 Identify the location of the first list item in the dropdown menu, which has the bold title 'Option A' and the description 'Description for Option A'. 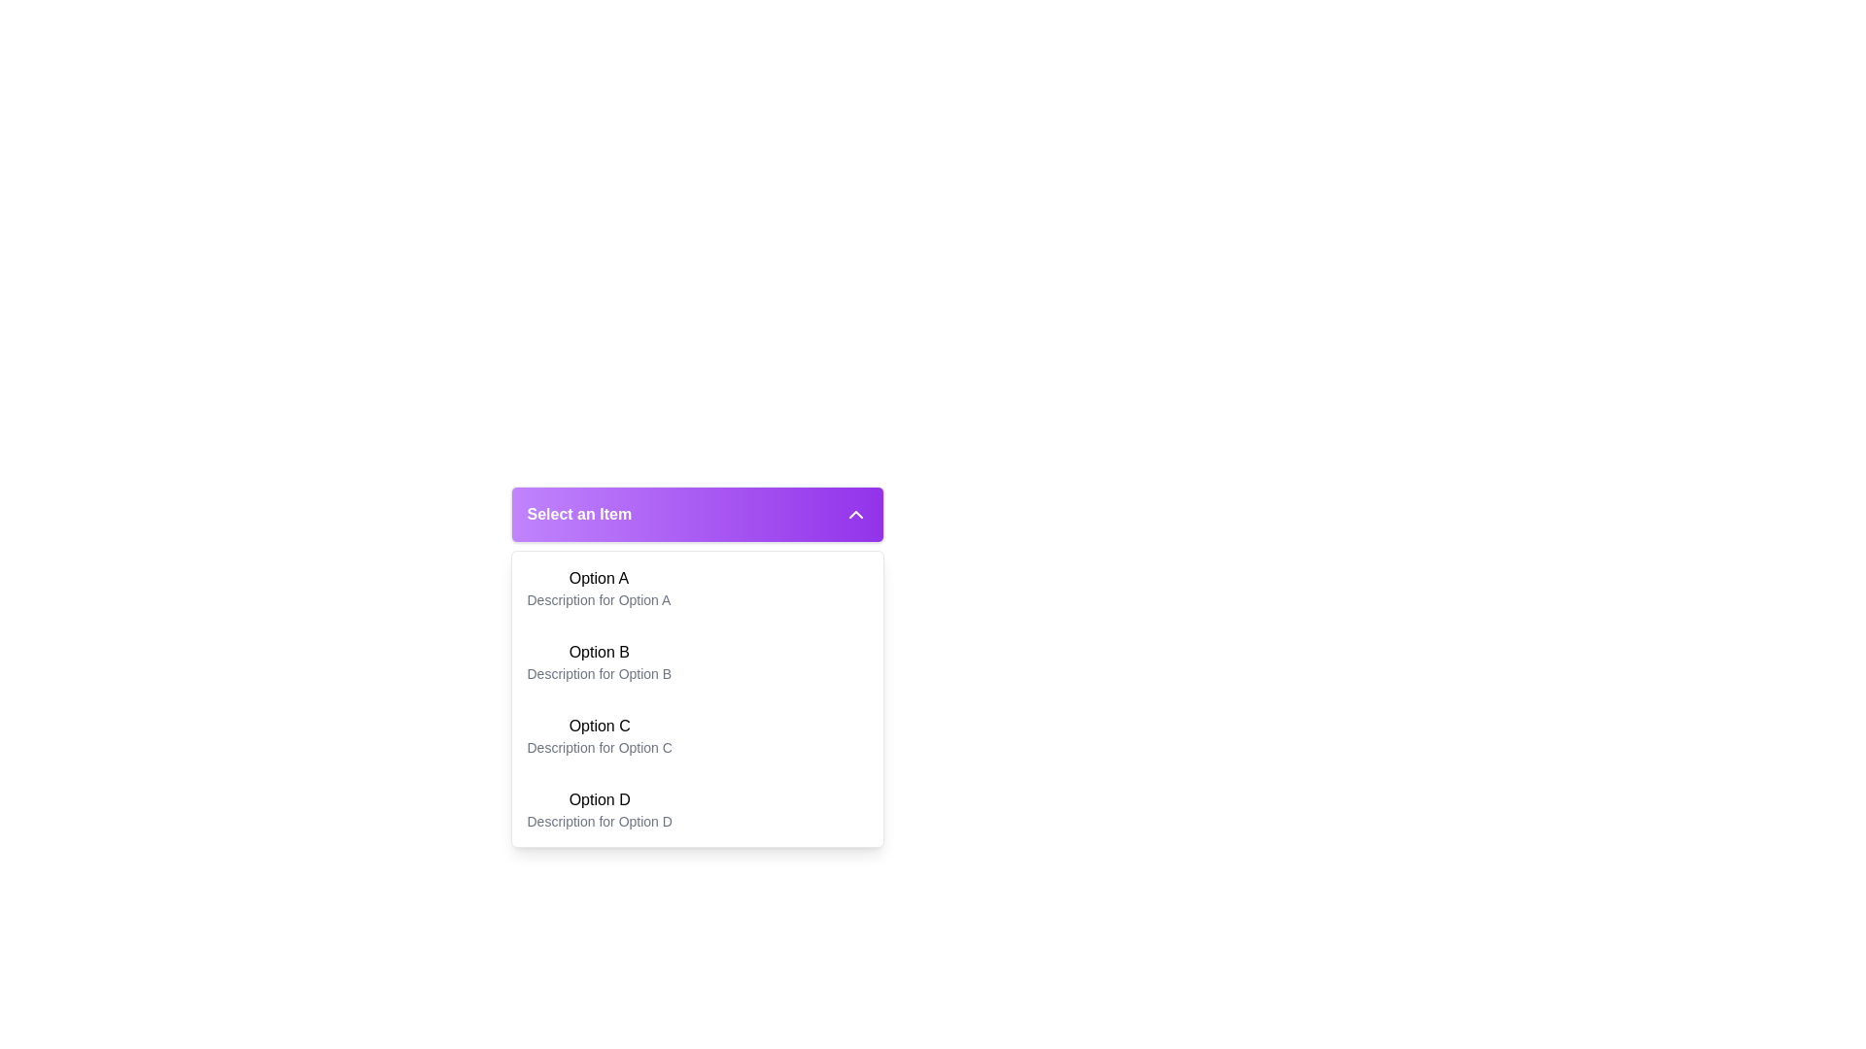
(697, 587).